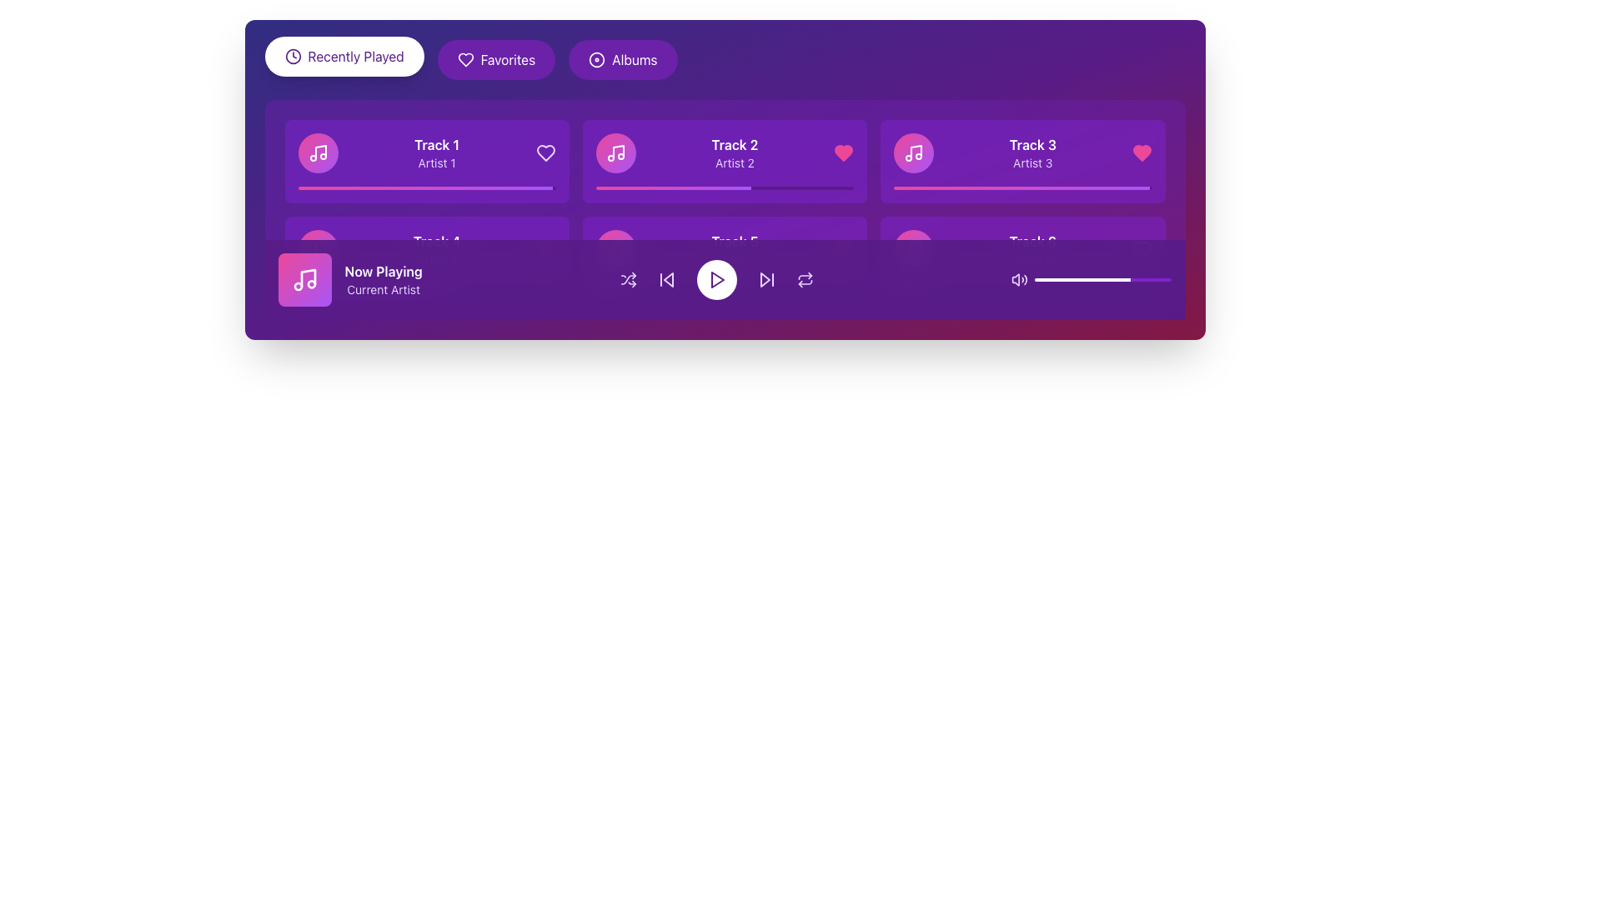  Describe the element at coordinates (318, 153) in the screenshot. I see `the icon representing the music track 'Track 1' located in the top-left corner of the group for 'Track 1' and 'Artist 1' information to interact with it` at that location.